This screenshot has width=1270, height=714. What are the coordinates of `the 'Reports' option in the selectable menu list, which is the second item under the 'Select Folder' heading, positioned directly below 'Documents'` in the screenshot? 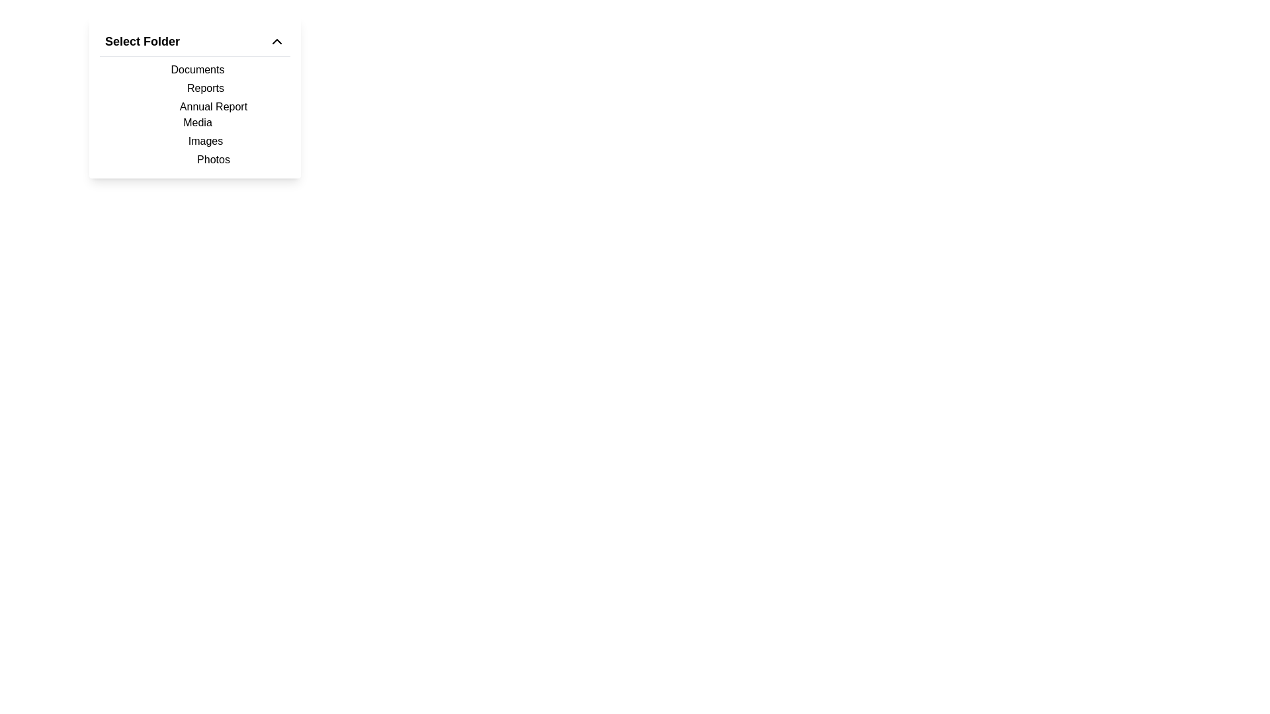 It's located at (205, 89).